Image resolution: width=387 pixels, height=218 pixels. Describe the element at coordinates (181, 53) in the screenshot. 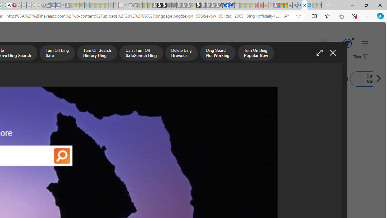

I see `'Delete Bing Browser'` at that location.